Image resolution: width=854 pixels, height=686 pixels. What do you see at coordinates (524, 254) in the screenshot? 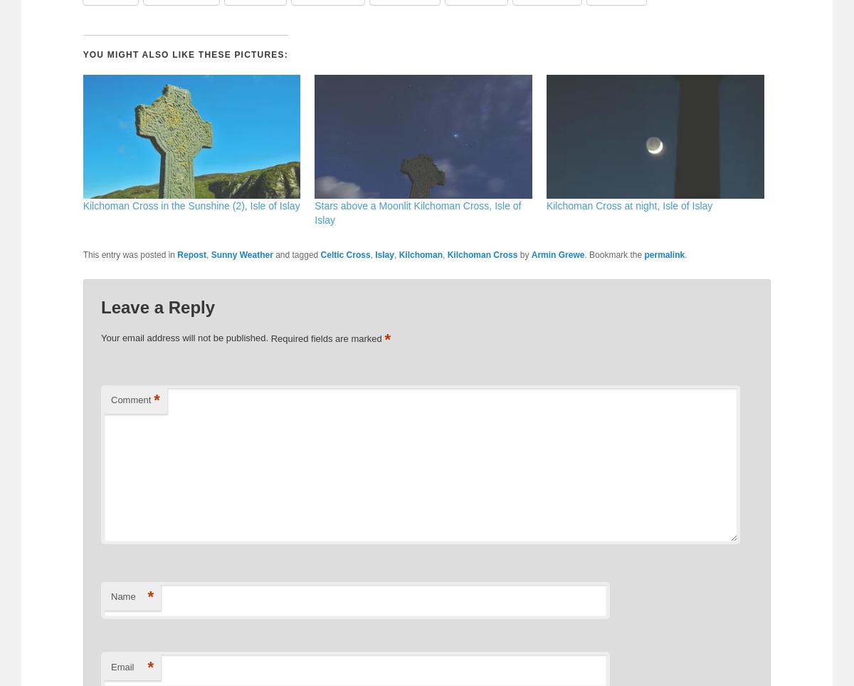
I see `'by'` at bounding box center [524, 254].